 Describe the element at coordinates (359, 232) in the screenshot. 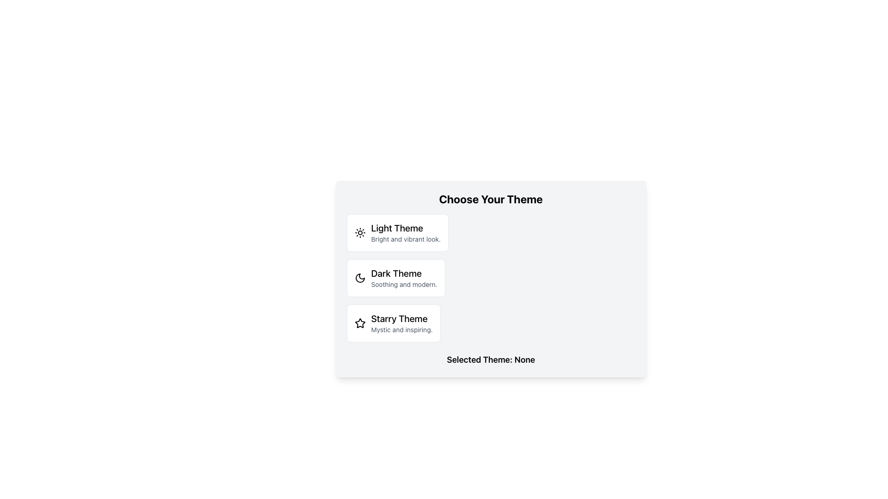

I see `sun icon located to the left of the 'Light Theme' text in the theme selection list for additional properties` at that location.